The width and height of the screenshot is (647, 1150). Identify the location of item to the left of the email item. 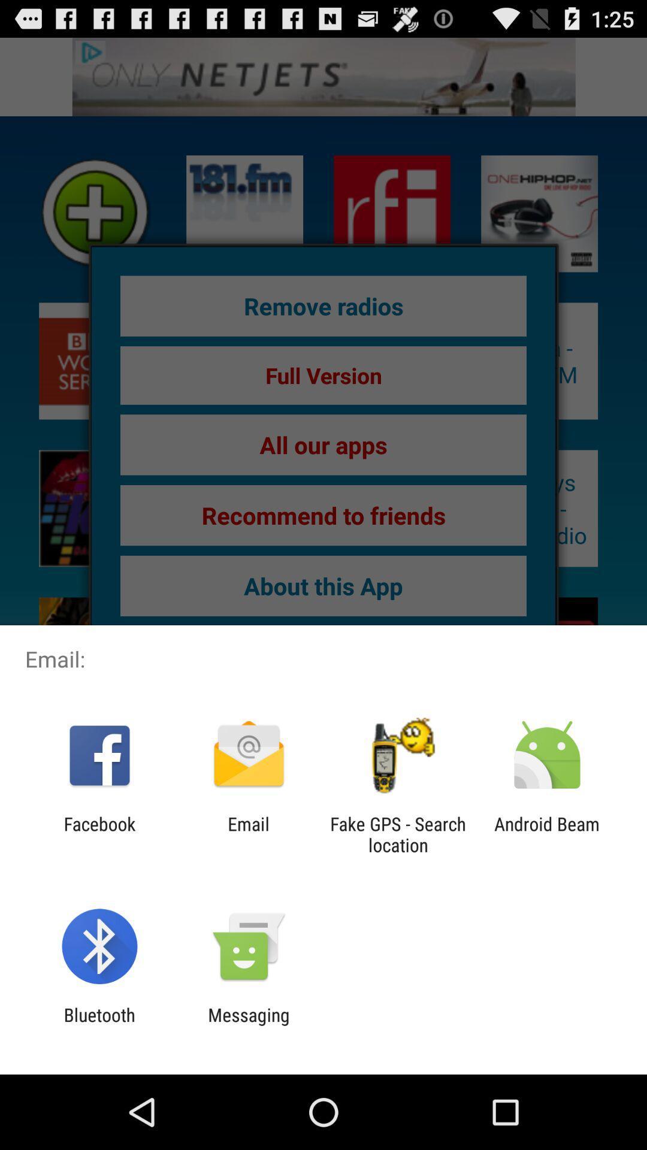
(99, 834).